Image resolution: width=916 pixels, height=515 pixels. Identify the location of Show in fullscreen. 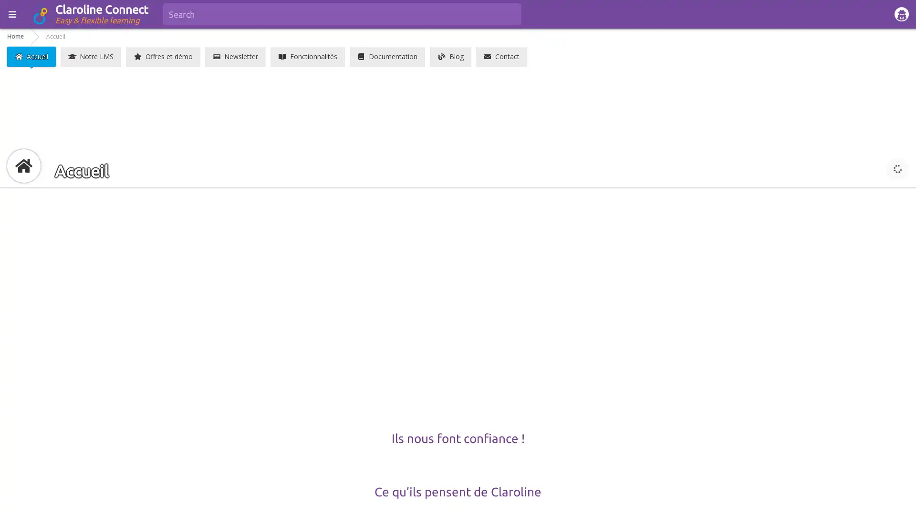
(873, 168).